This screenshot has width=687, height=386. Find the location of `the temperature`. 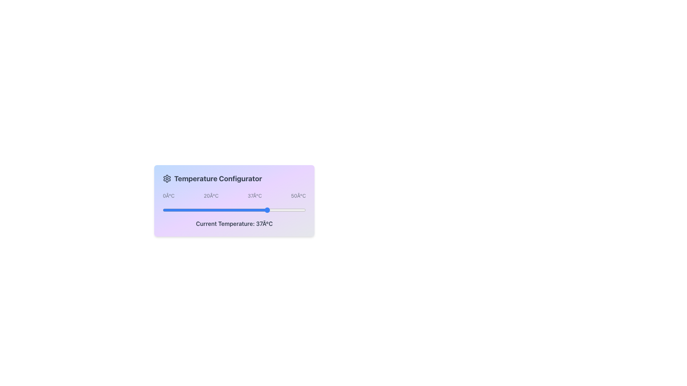

the temperature is located at coordinates (219, 209).